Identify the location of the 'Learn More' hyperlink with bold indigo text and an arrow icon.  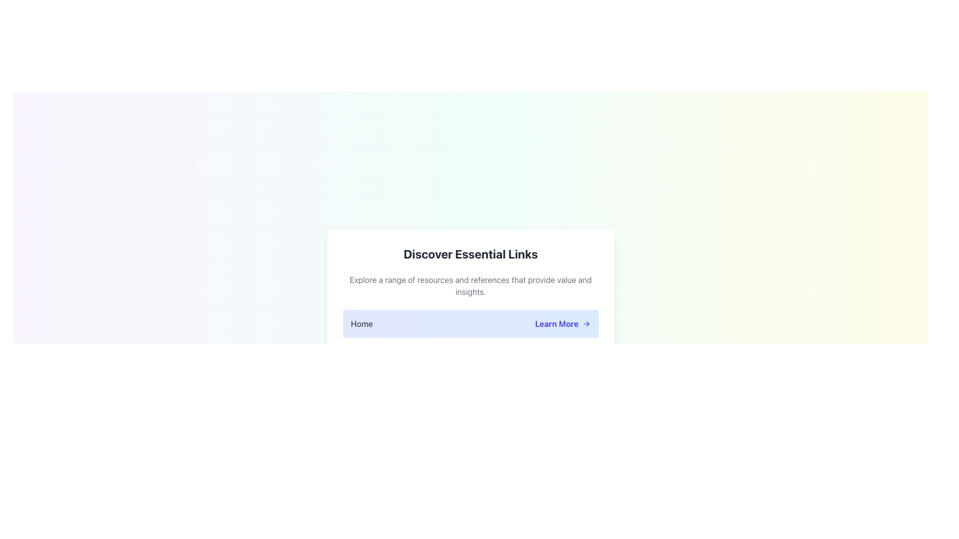
(563, 323).